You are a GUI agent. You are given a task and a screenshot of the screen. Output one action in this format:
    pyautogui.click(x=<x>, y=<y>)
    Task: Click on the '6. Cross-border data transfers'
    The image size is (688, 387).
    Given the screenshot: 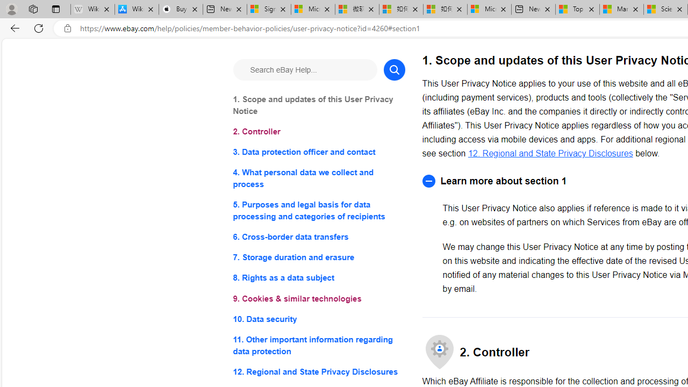 What is the action you would take?
    pyautogui.click(x=318, y=236)
    